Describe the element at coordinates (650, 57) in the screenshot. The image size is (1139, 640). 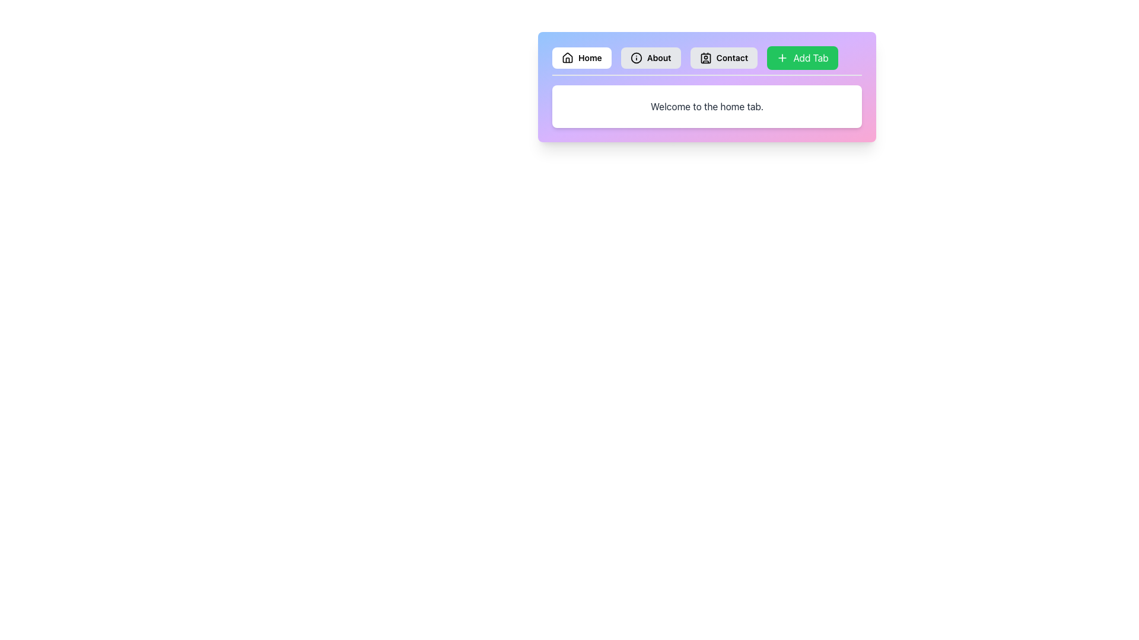
I see `the second button in the horizontal navigation bar, which serves as a navigation tool to the 'About' page or section` at that location.